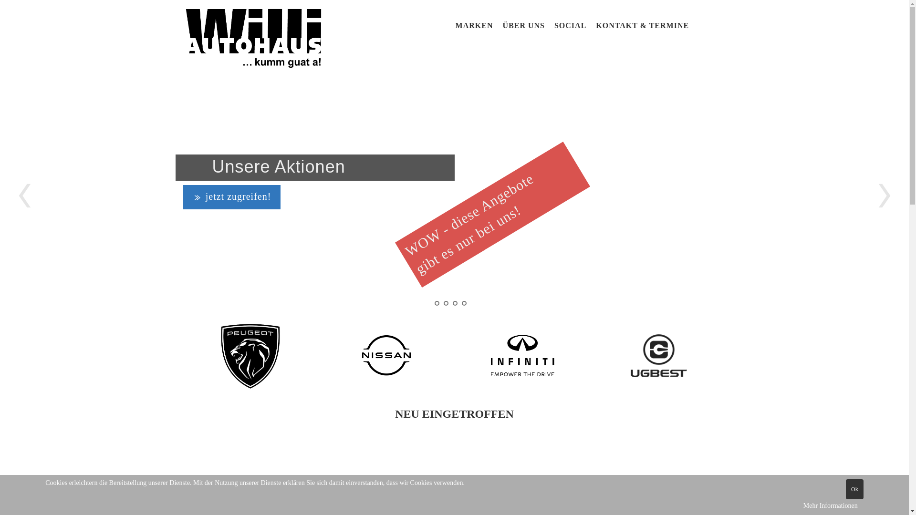  What do you see at coordinates (554, 25) in the screenshot?
I see `'SOCIAL'` at bounding box center [554, 25].